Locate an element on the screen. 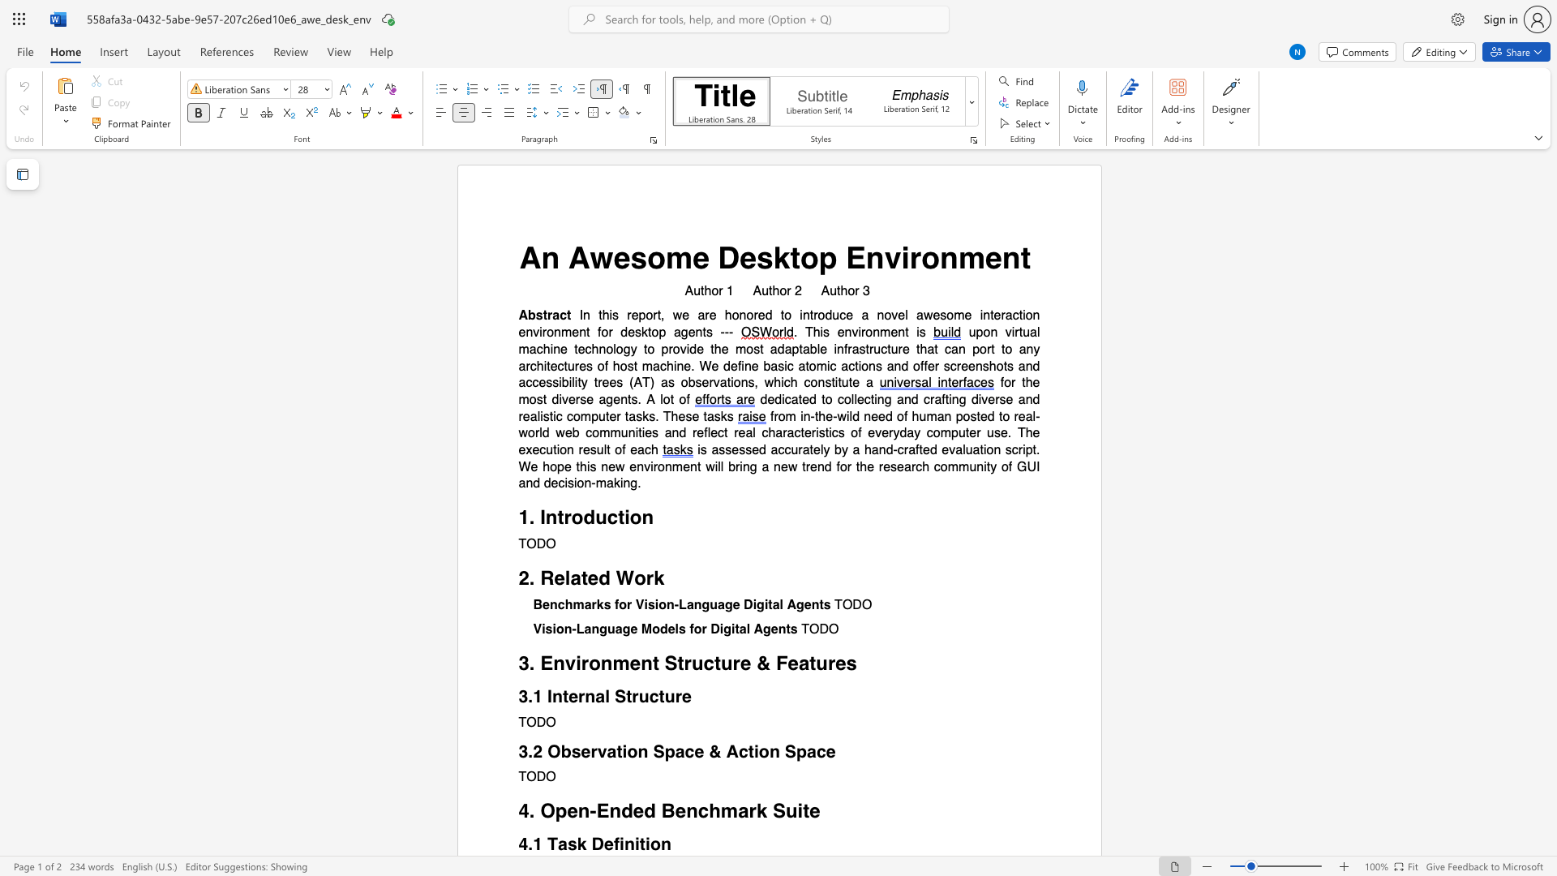  the subset text "fo" within the text "In this report, we are honored to introduce a novel awesome interaction environment for desktop agents ---" is located at coordinates (597, 332).